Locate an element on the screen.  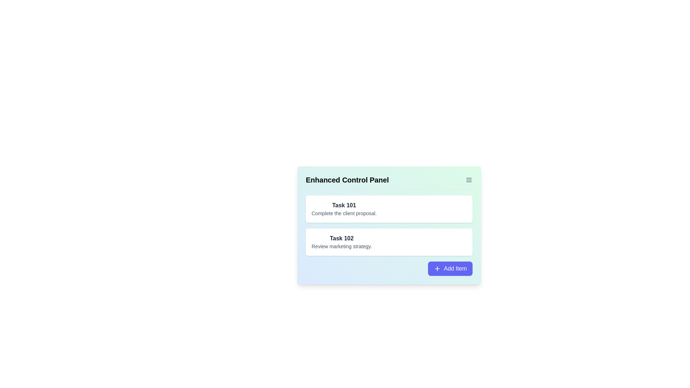
the 'Add Item' button, which is a rectangular button with a purple background and a white label centered inside, featuring a plus sign icon to the left is located at coordinates (450, 269).